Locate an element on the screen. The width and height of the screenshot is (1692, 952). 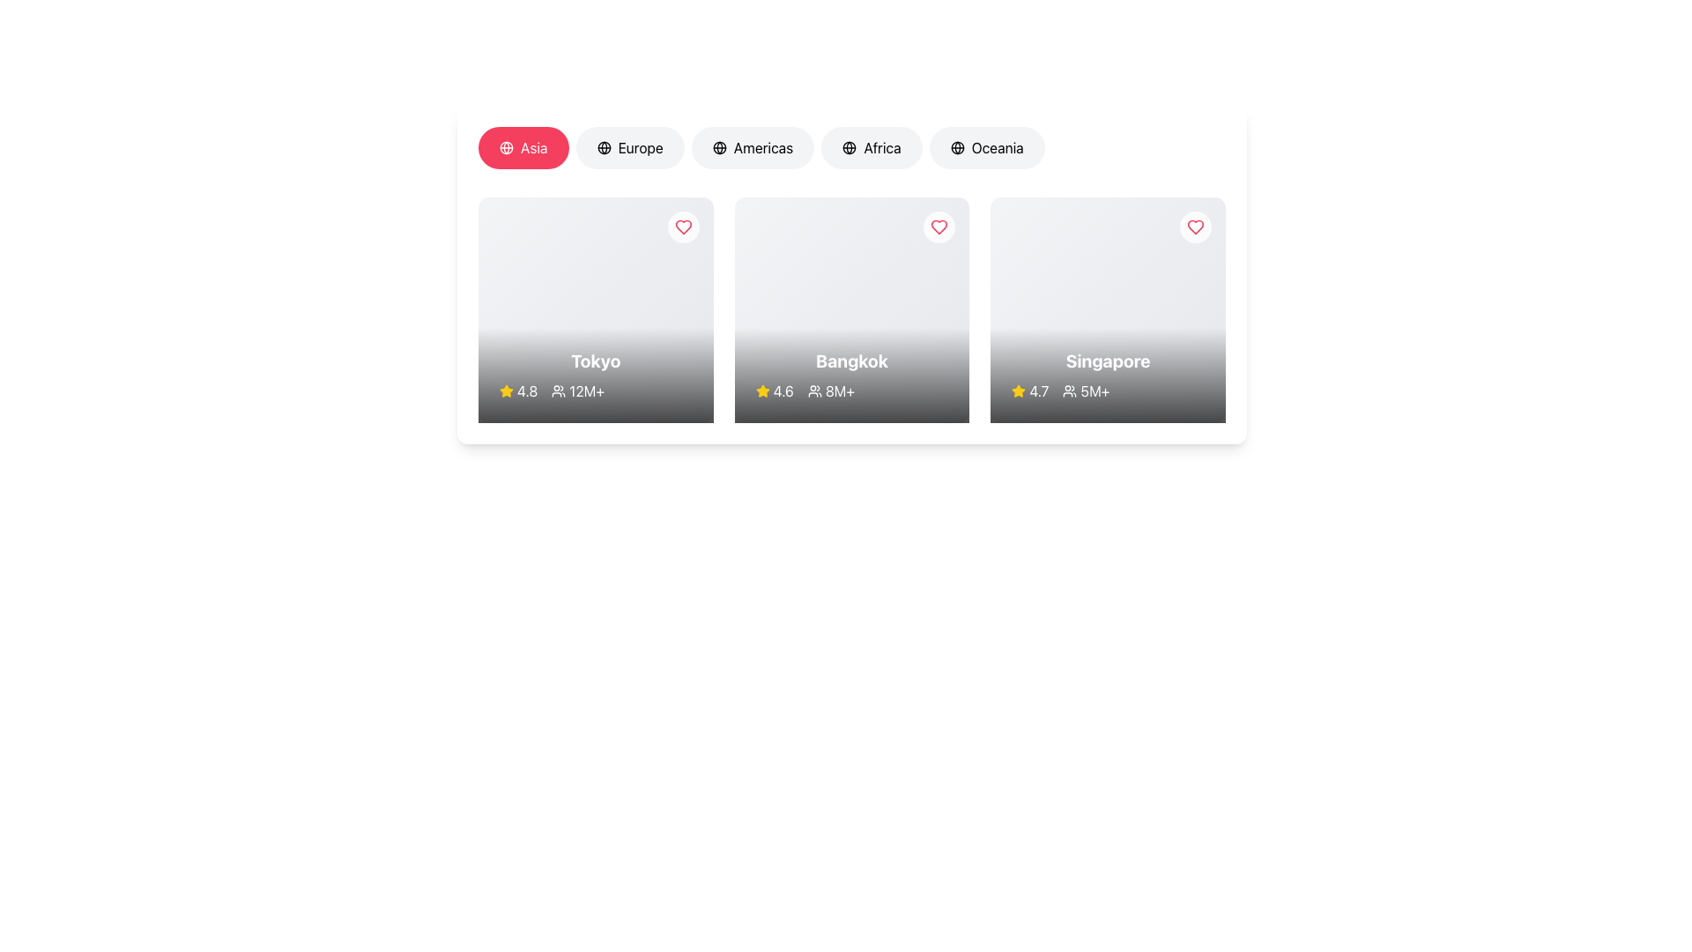
the informational display panel at the bottom of the middle card, which features the text 'Bangkok' in bold white font and additional details like a rating '4.6' and '8M+' is located at coordinates (851, 374).